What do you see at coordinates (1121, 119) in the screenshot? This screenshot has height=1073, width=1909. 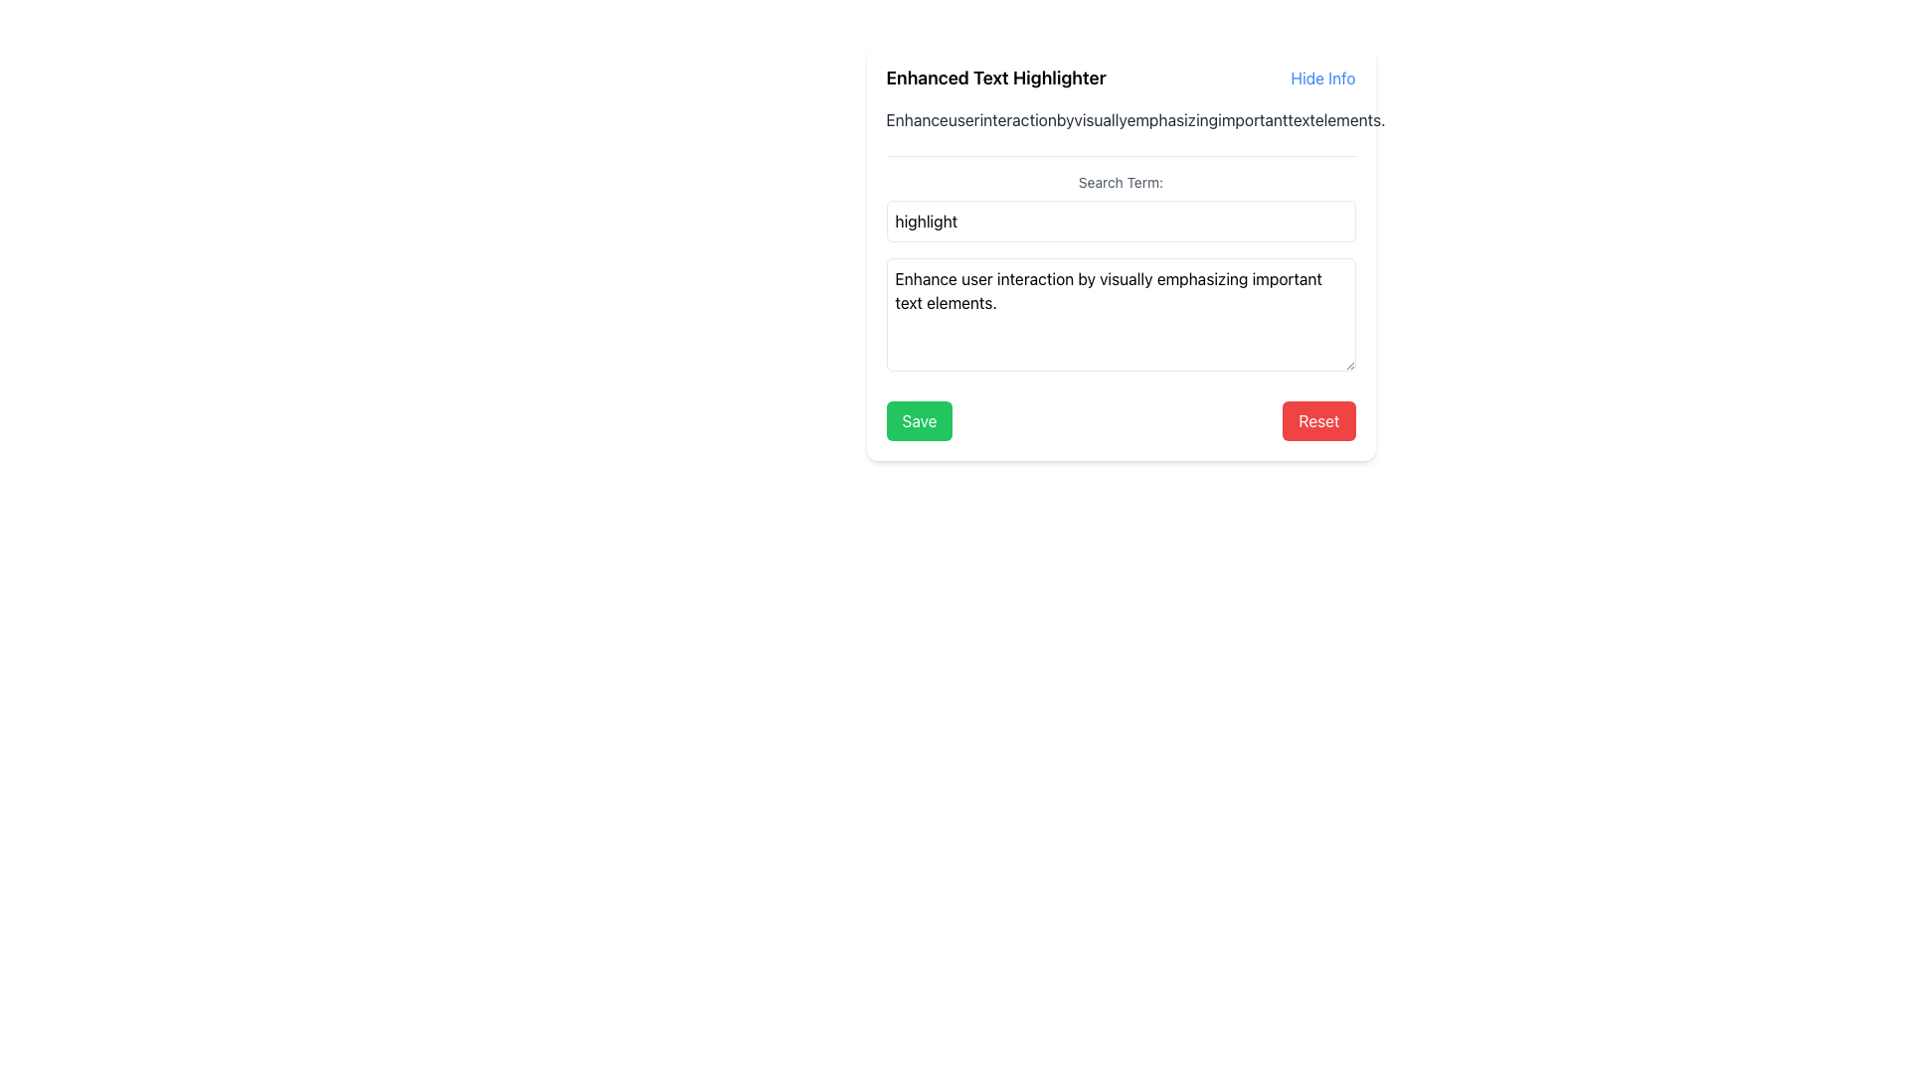 I see `the informative text element located beneath the 'Enhanced Text Highlighter' header and above the 'Search Term:' section` at bounding box center [1121, 119].